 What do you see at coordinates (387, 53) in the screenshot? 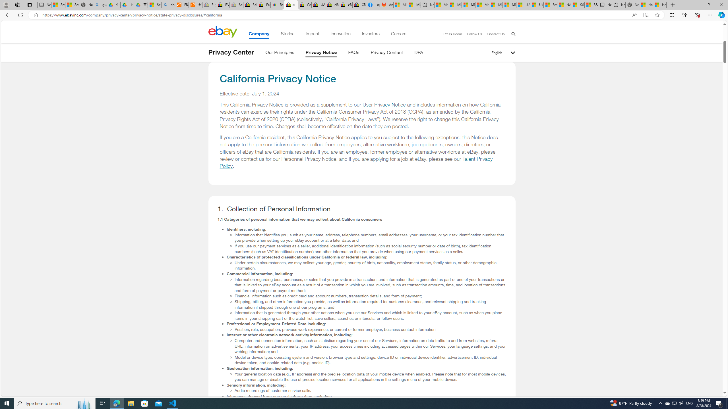
I see `'Privacy Contact'` at bounding box center [387, 53].